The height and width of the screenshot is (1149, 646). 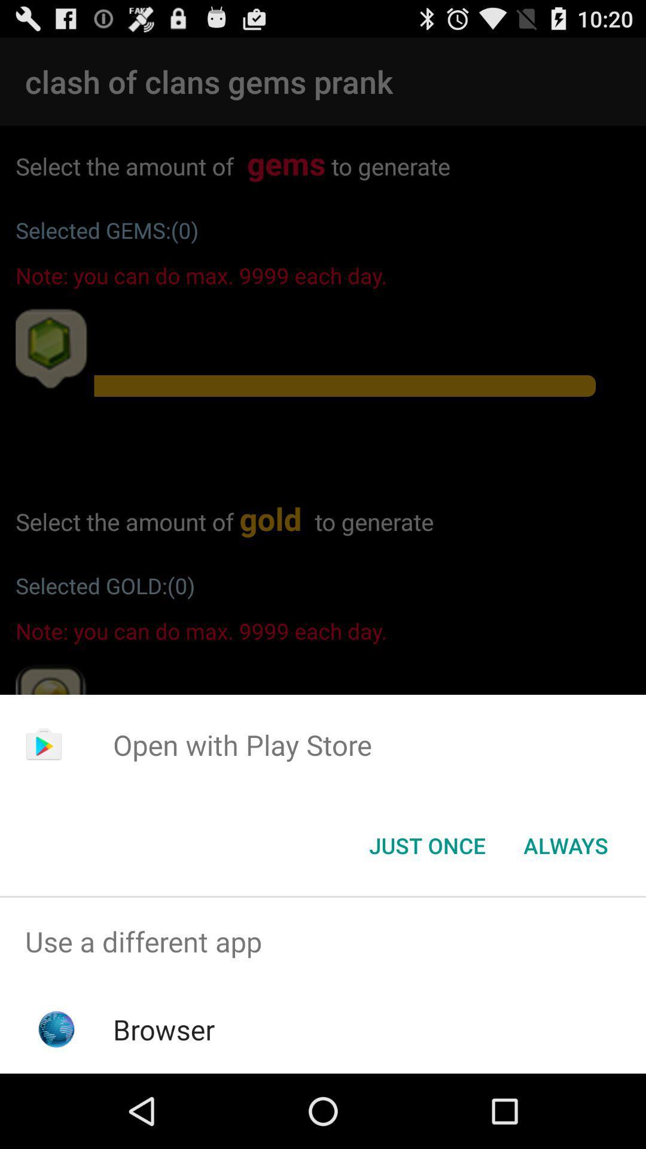 I want to click on the icon below open with play item, so click(x=426, y=844).